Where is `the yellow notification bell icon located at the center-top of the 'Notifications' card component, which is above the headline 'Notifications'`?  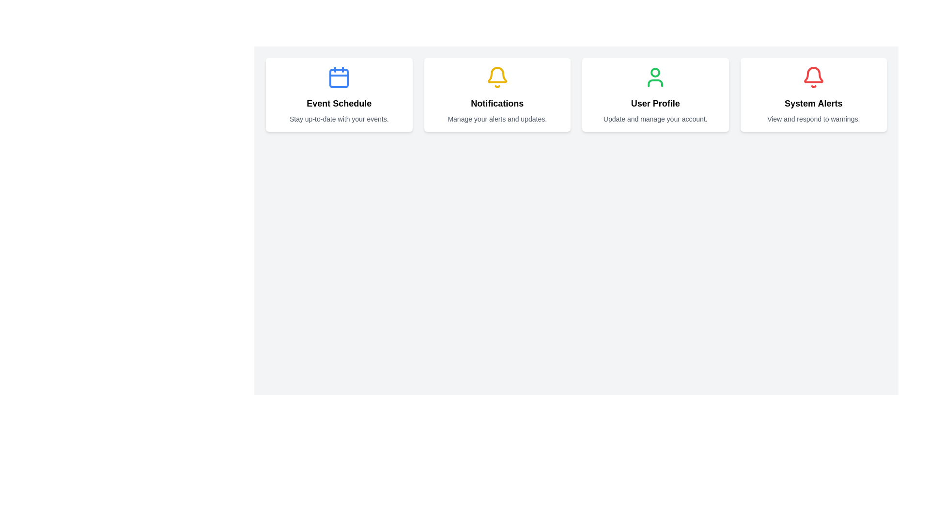
the yellow notification bell icon located at the center-top of the 'Notifications' card component, which is above the headline 'Notifications' is located at coordinates (497, 77).